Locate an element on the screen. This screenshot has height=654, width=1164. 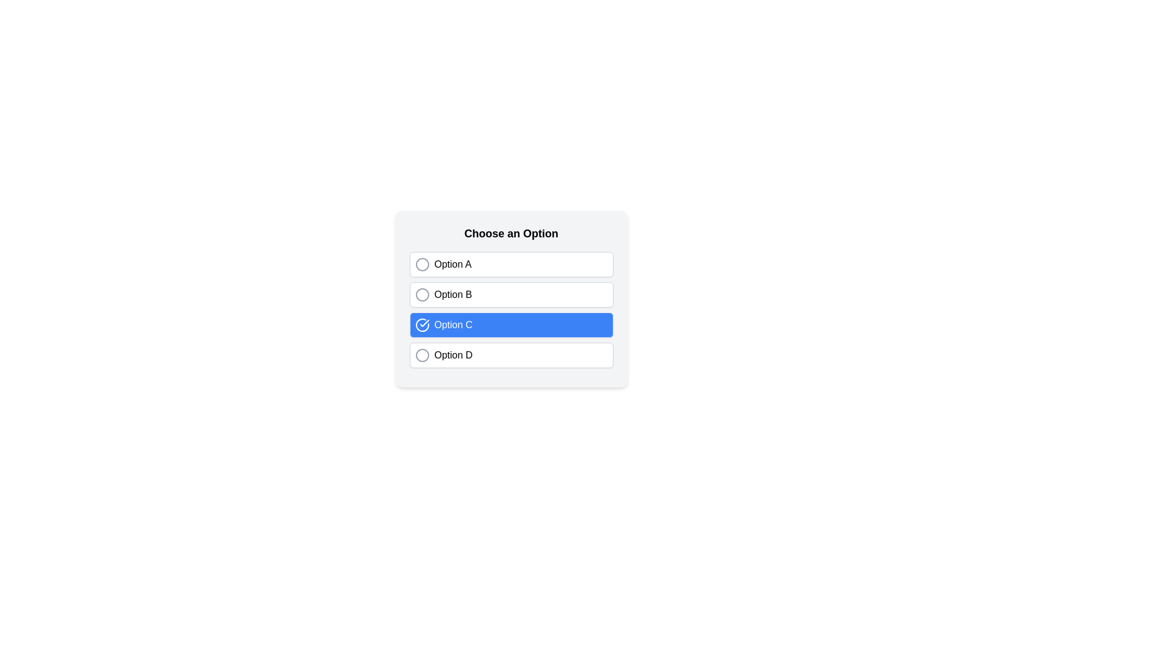
the text label that corresponds to the fourth visible radio option in the vertical list is located at coordinates (453, 354).